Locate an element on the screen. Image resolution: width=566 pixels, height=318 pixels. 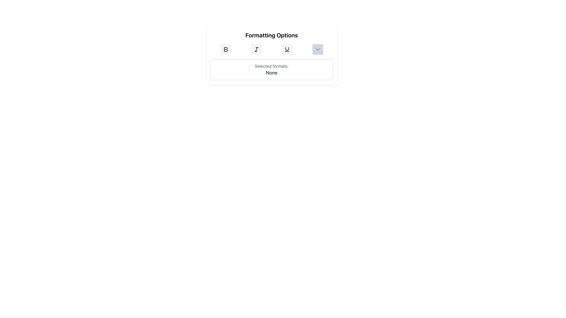
the bold formatting button located in the top row of the formatting options section is located at coordinates (225, 49).